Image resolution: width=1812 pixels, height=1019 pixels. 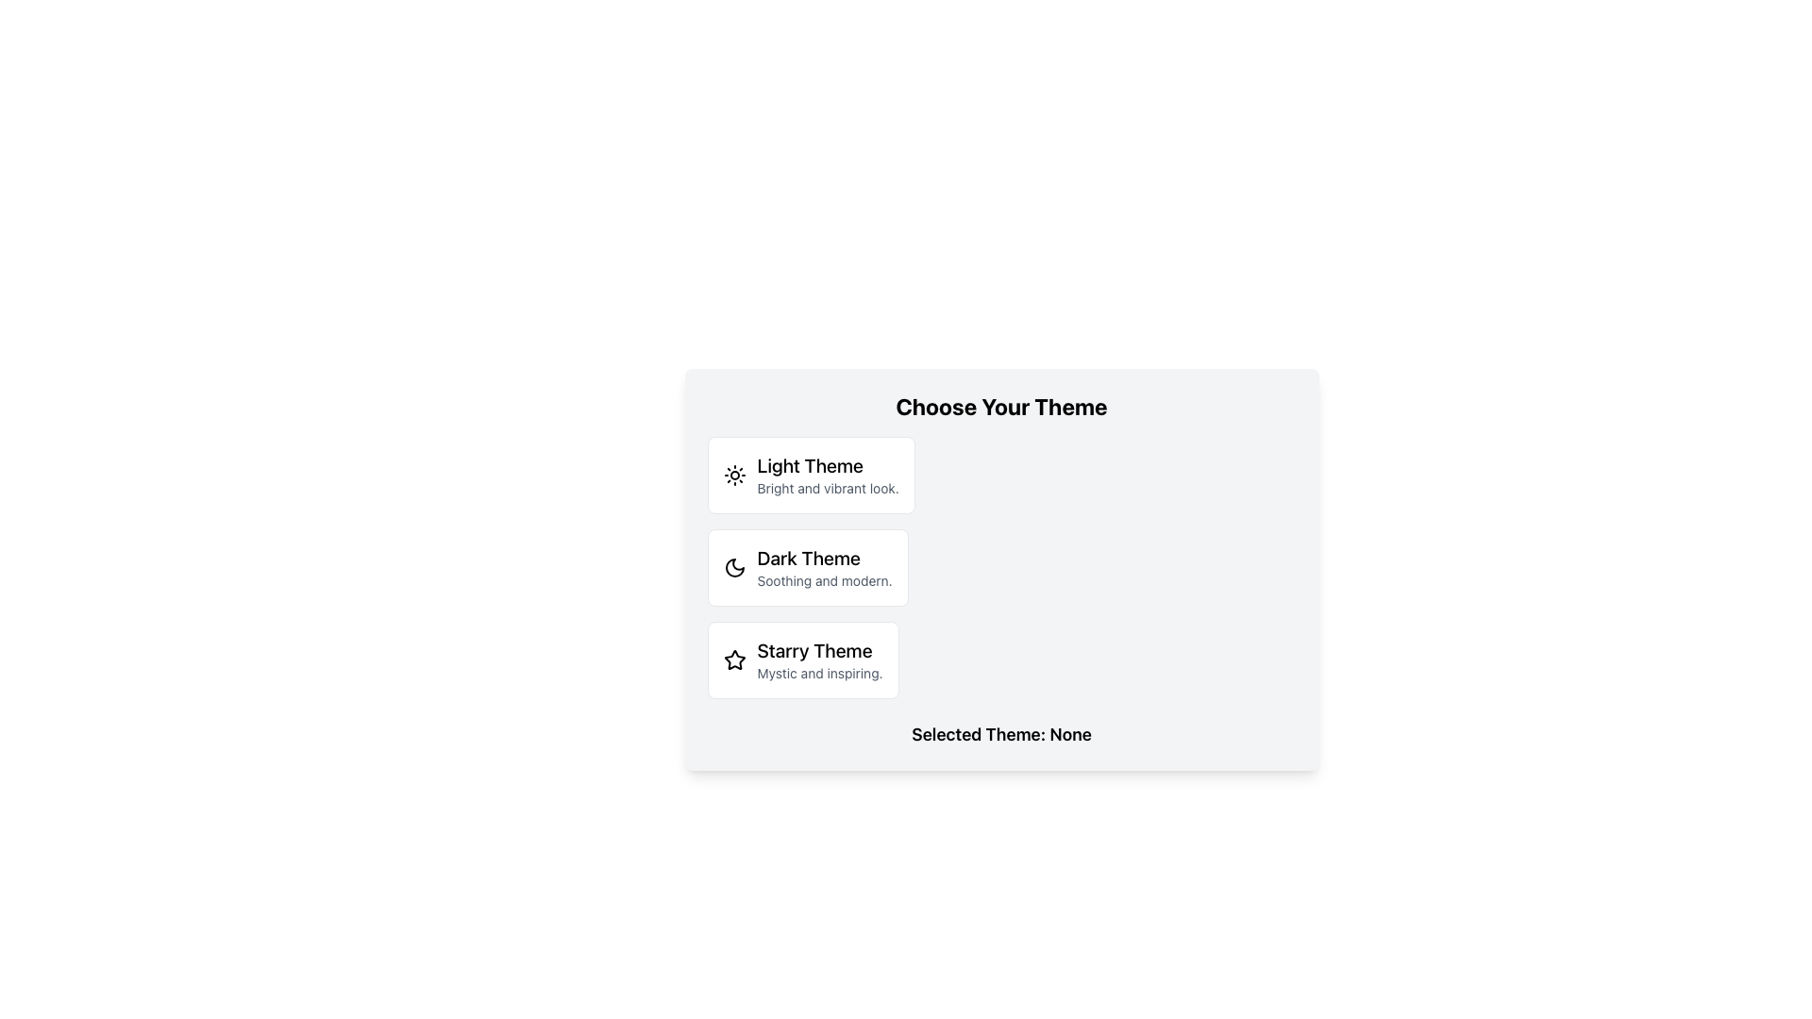 What do you see at coordinates (825, 566) in the screenshot?
I see `the 'Dark Theme' textual description element, which consists of two lines of text: 'Dark Theme' in large, bold font and 'Soothing and modern.' in smaller, lighter font, located in the middle entry of the theme selection card` at bounding box center [825, 566].